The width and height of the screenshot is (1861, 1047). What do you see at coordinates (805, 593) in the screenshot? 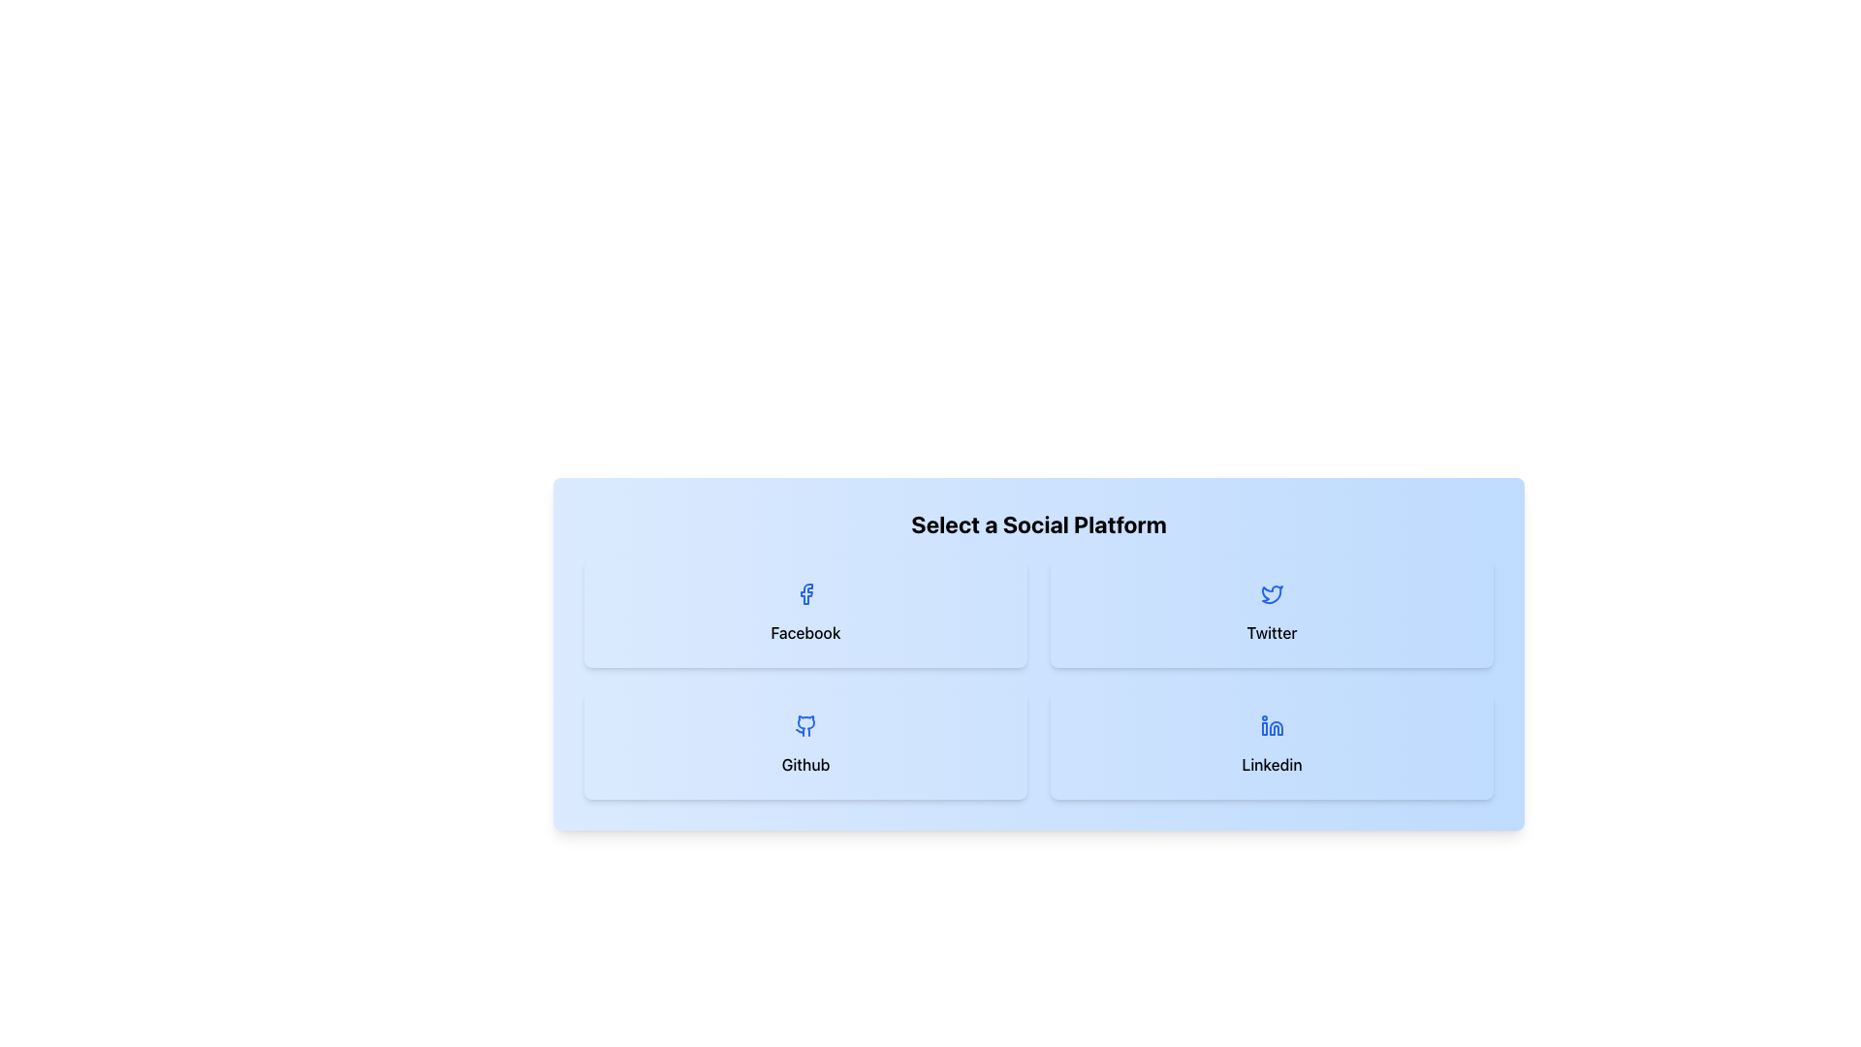
I see `the Facebook icon, which is styled in blue and located within a rounded rectangular button labeled 'Facebook', positioned in the top-left of a 2x2 grid below the 'Select a Social Platform' header` at bounding box center [805, 593].